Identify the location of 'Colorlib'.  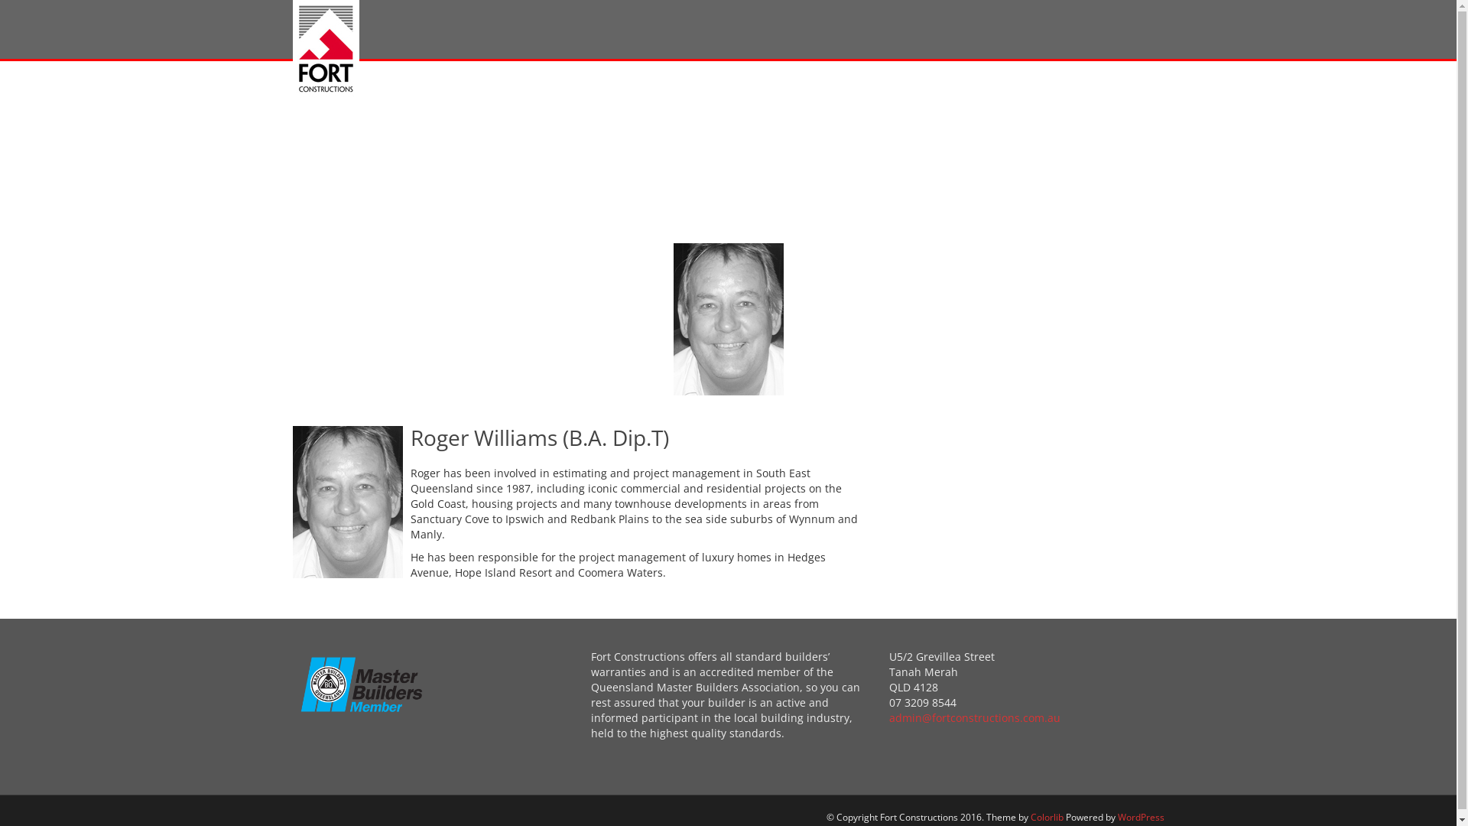
(1046, 816).